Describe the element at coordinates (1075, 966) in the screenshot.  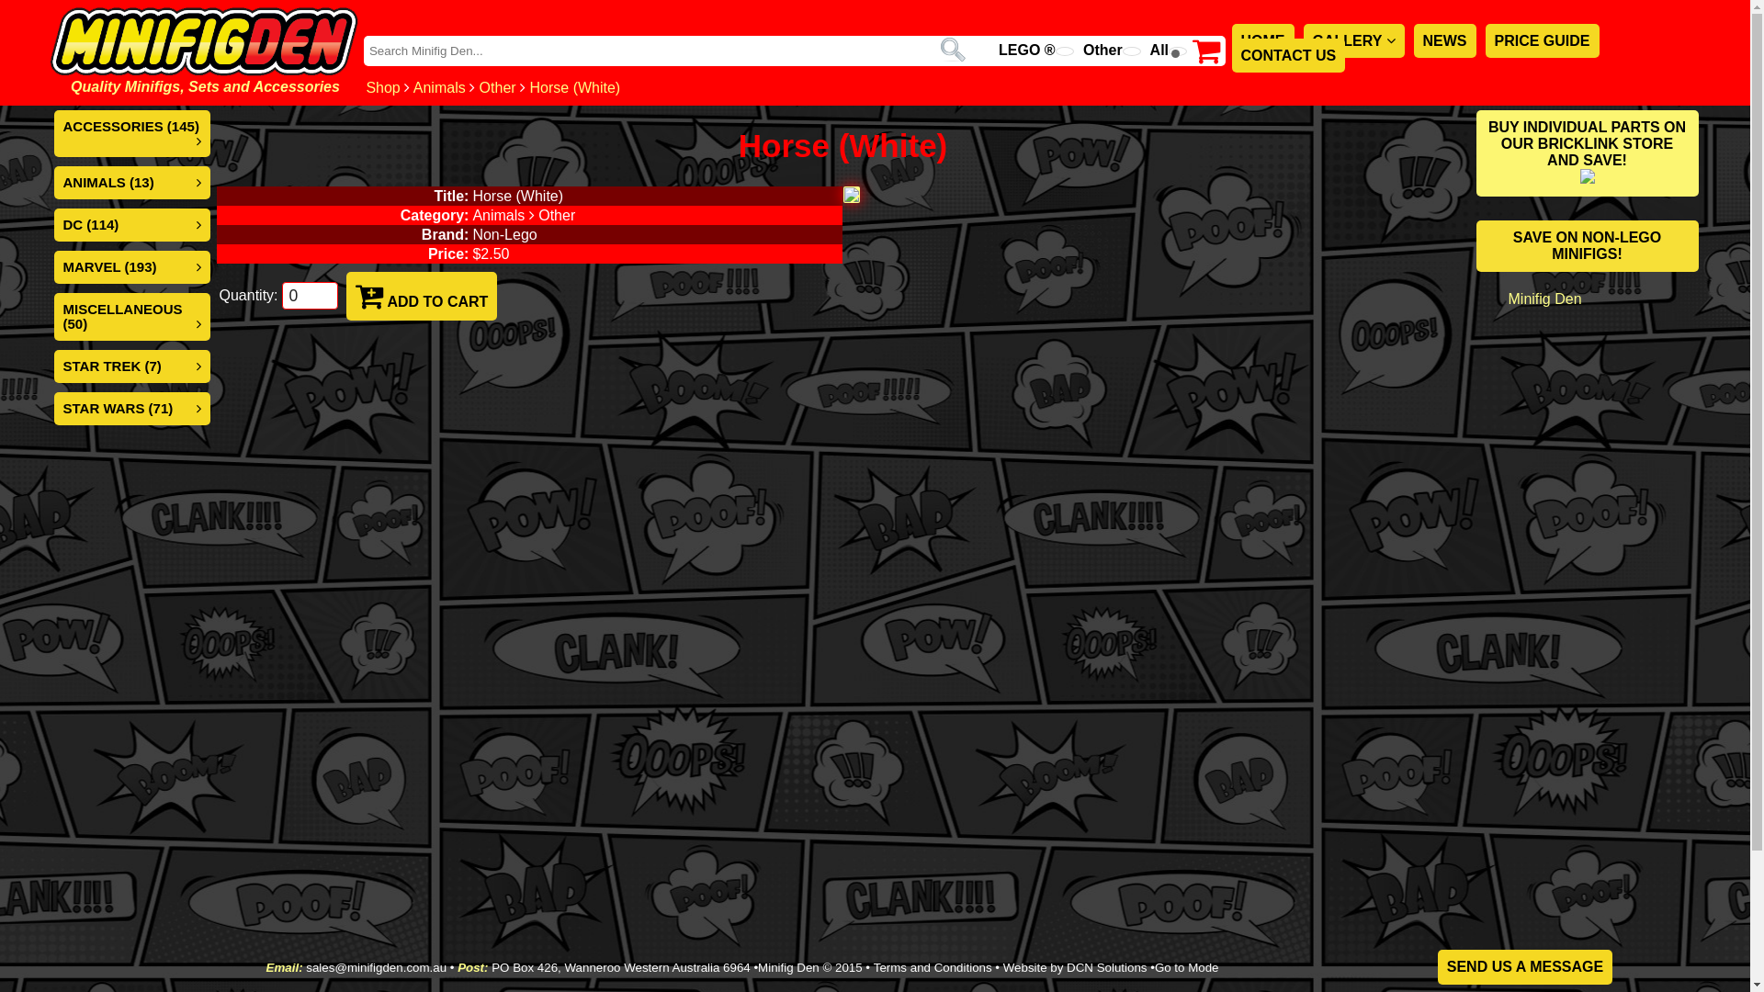
I see `'Website by DCN Solutions'` at that location.